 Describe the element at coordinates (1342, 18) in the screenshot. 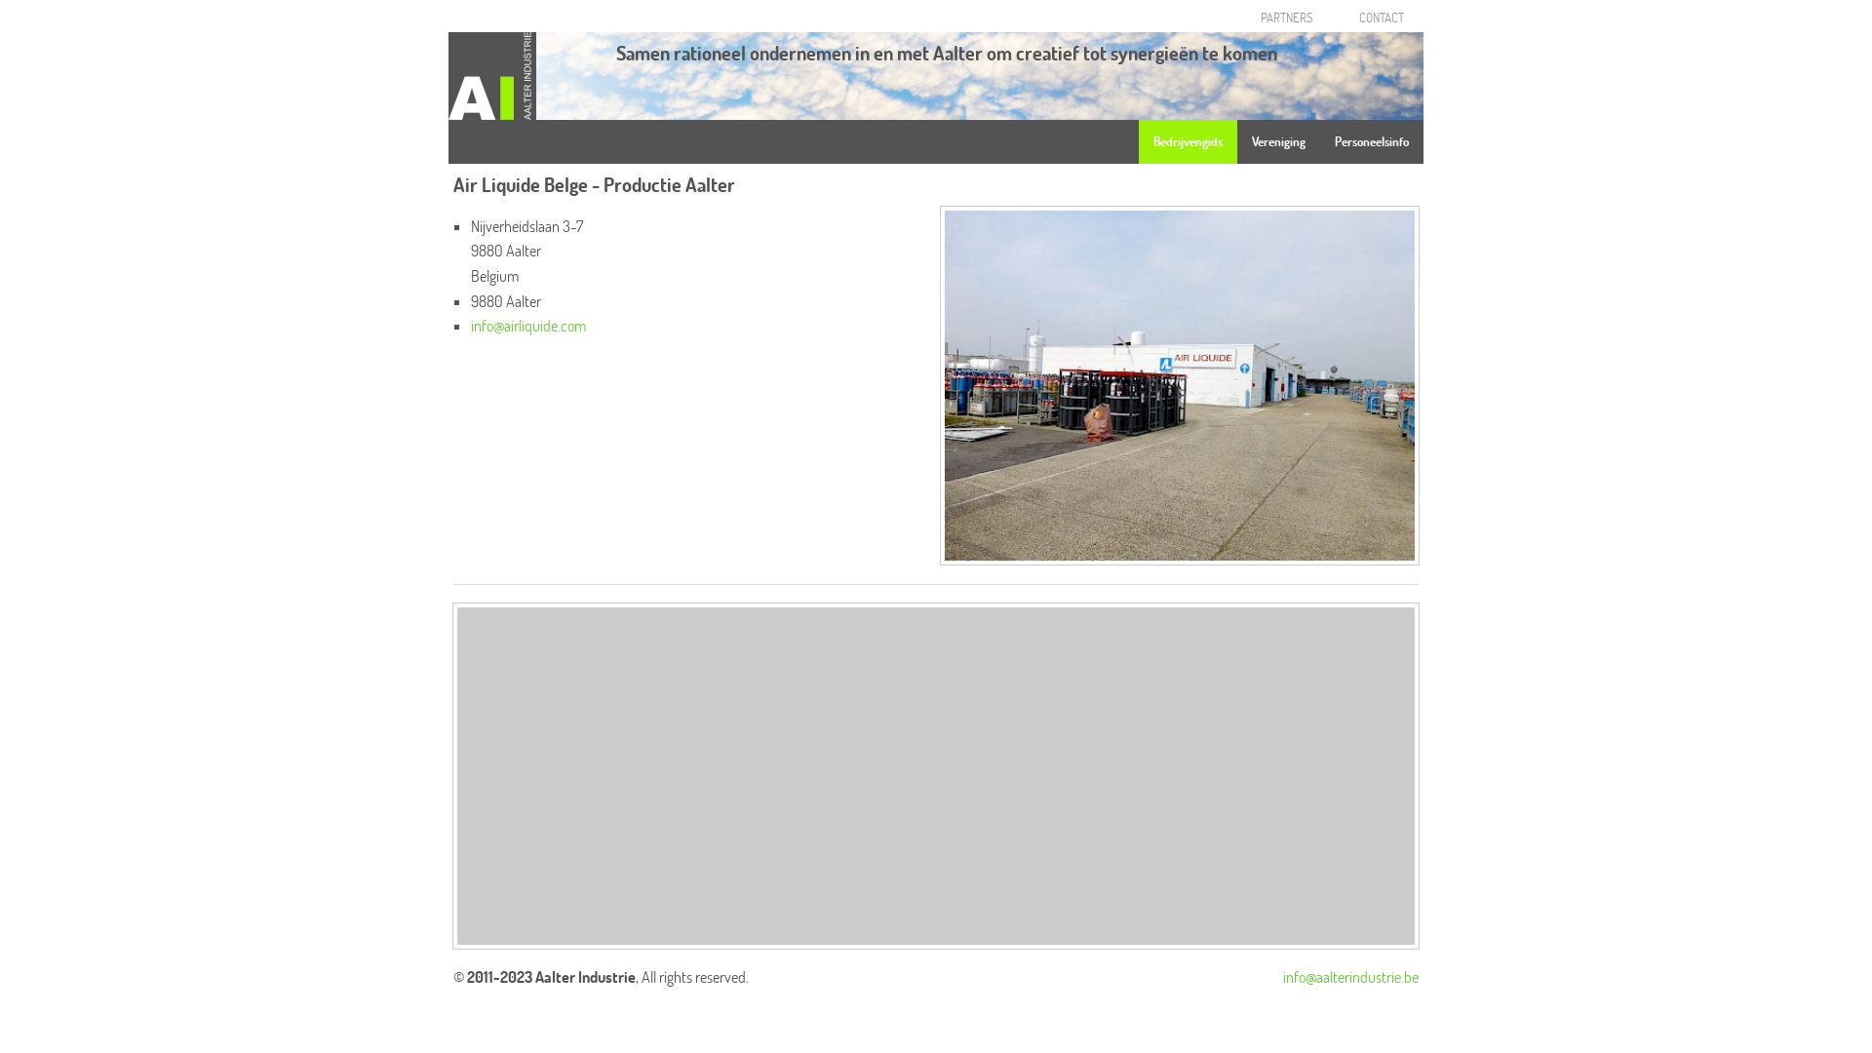

I see `'CONTACT'` at that location.